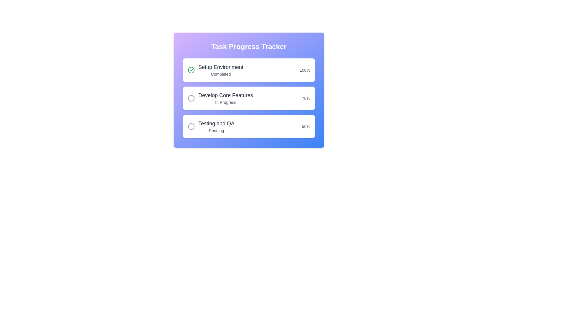 The image size is (565, 317). I want to click on the static text label indicating the progress phase of 'Develop Core Features', located beneath the corresponding text within the central progress item card, so click(225, 102).